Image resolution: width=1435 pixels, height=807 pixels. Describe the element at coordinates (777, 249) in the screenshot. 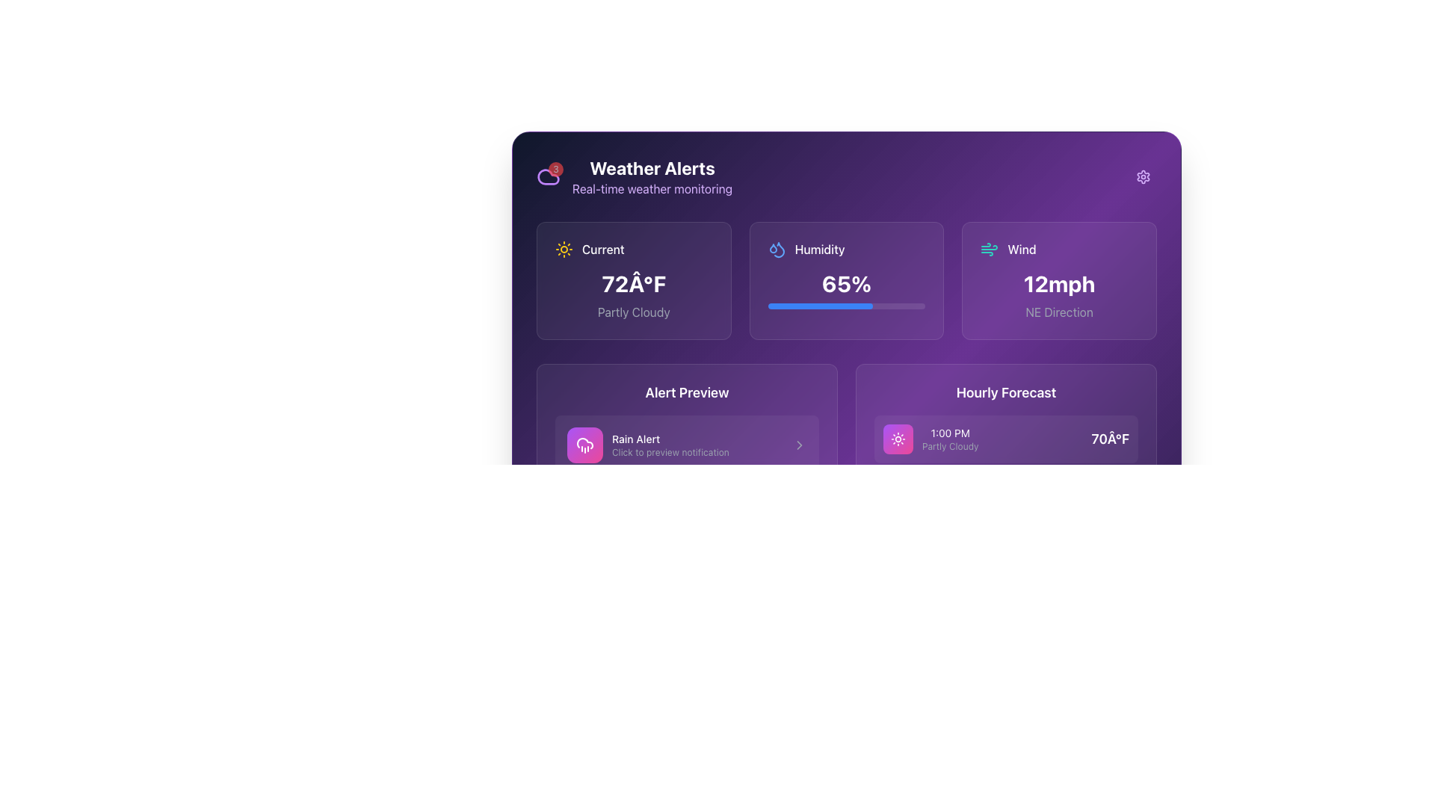

I see `the humidity icon located to the left of the 'Humidity' text and above the numeric percentage value in the UI` at that location.